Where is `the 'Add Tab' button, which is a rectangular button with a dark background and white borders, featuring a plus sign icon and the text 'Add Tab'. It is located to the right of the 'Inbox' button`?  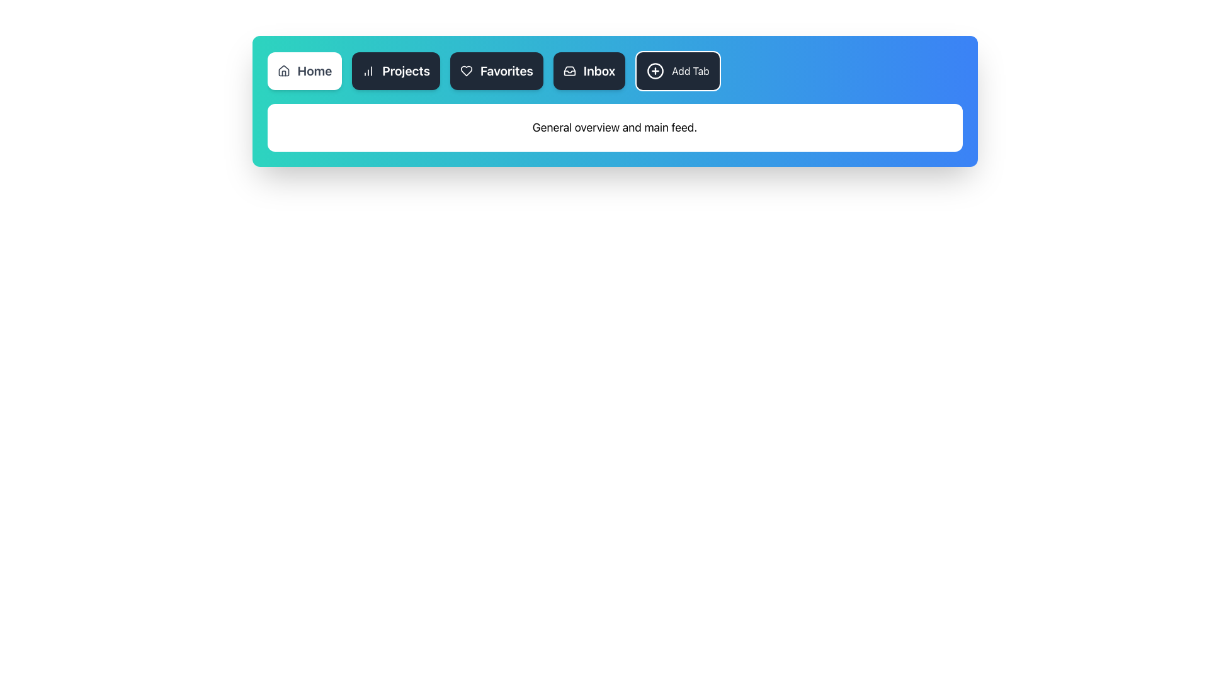
the 'Add Tab' button, which is a rectangular button with a dark background and white borders, featuring a plus sign icon and the text 'Add Tab'. It is located to the right of the 'Inbox' button is located at coordinates (677, 71).